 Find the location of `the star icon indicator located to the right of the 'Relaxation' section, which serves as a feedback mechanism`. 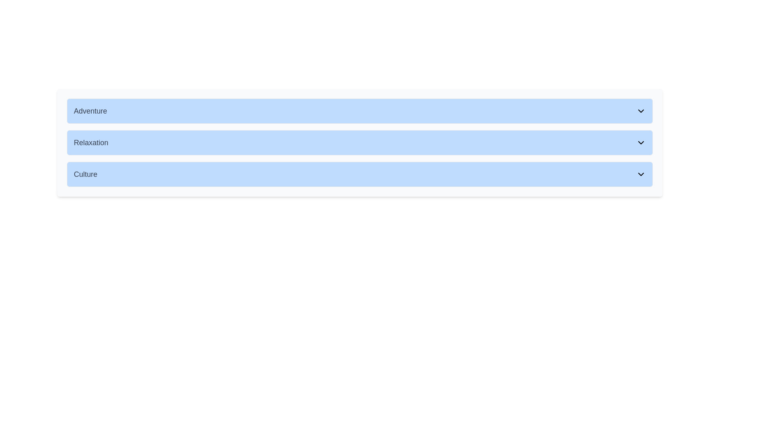

the star icon indicator located to the right of the 'Relaxation' section, which serves as a feedback mechanism is located at coordinates (646, 140).